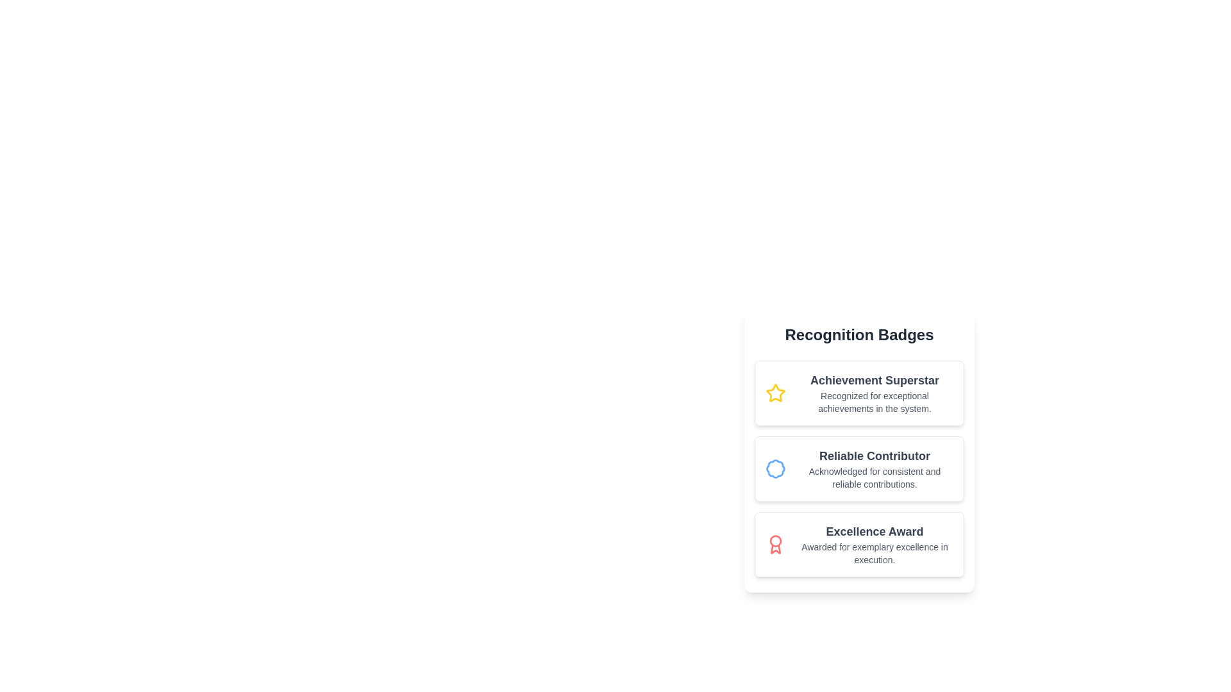  I want to click on the text label reading 'Reliable Contributor', which is styled in a large bold font and dark gray color, located at the top left of its containing card in the 'Recognition Badges' section, so click(874, 456).